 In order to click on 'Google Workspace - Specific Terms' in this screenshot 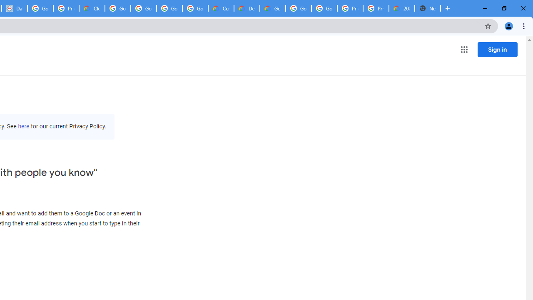, I will do `click(169, 8)`.